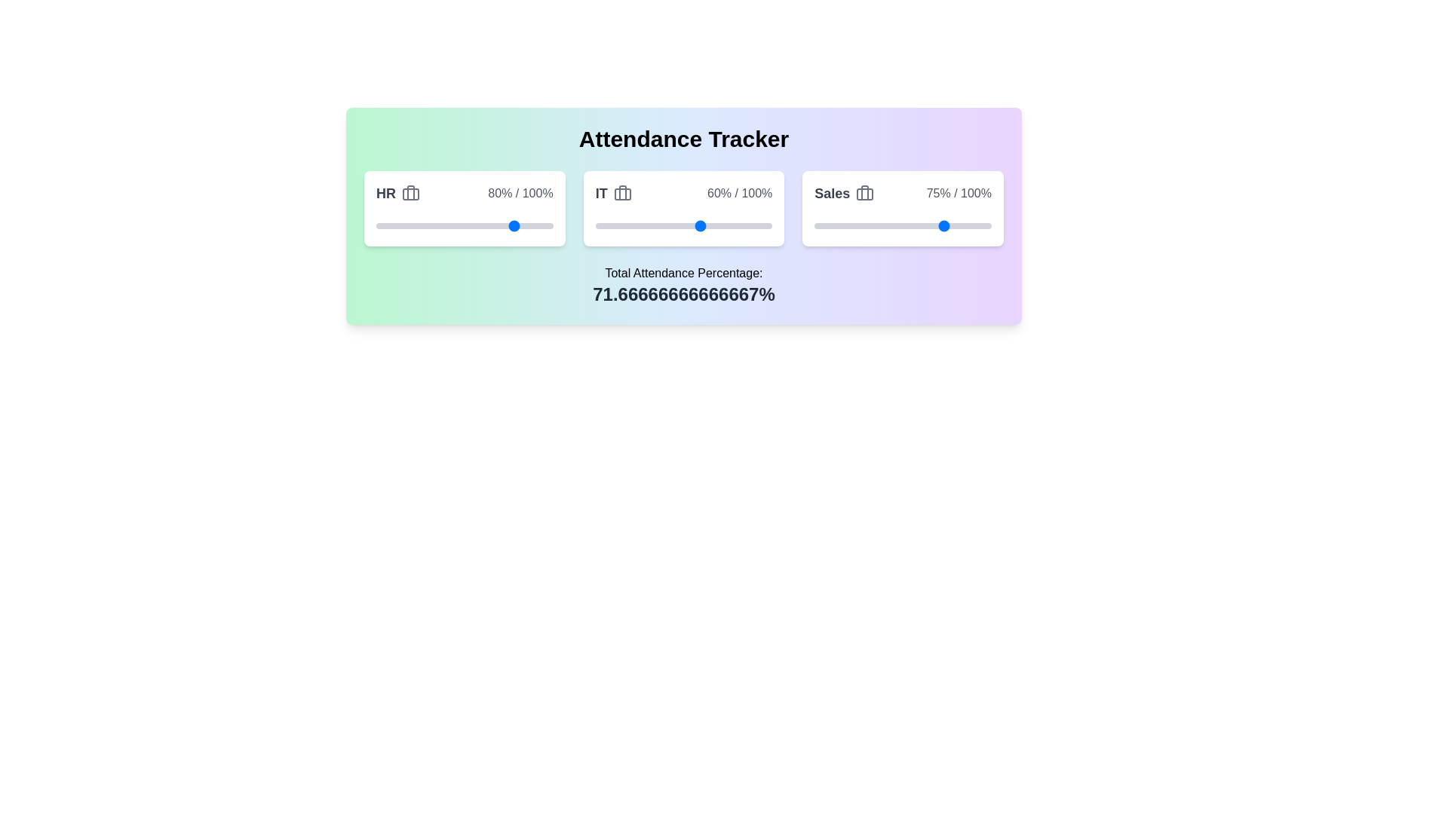 This screenshot has height=814, width=1448. Describe the element at coordinates (411, 194) in the screenshot. I see `the rectangular graphical vector element that is part of the briefcase icon, located in the HR section of the attendance tracker` at that location.